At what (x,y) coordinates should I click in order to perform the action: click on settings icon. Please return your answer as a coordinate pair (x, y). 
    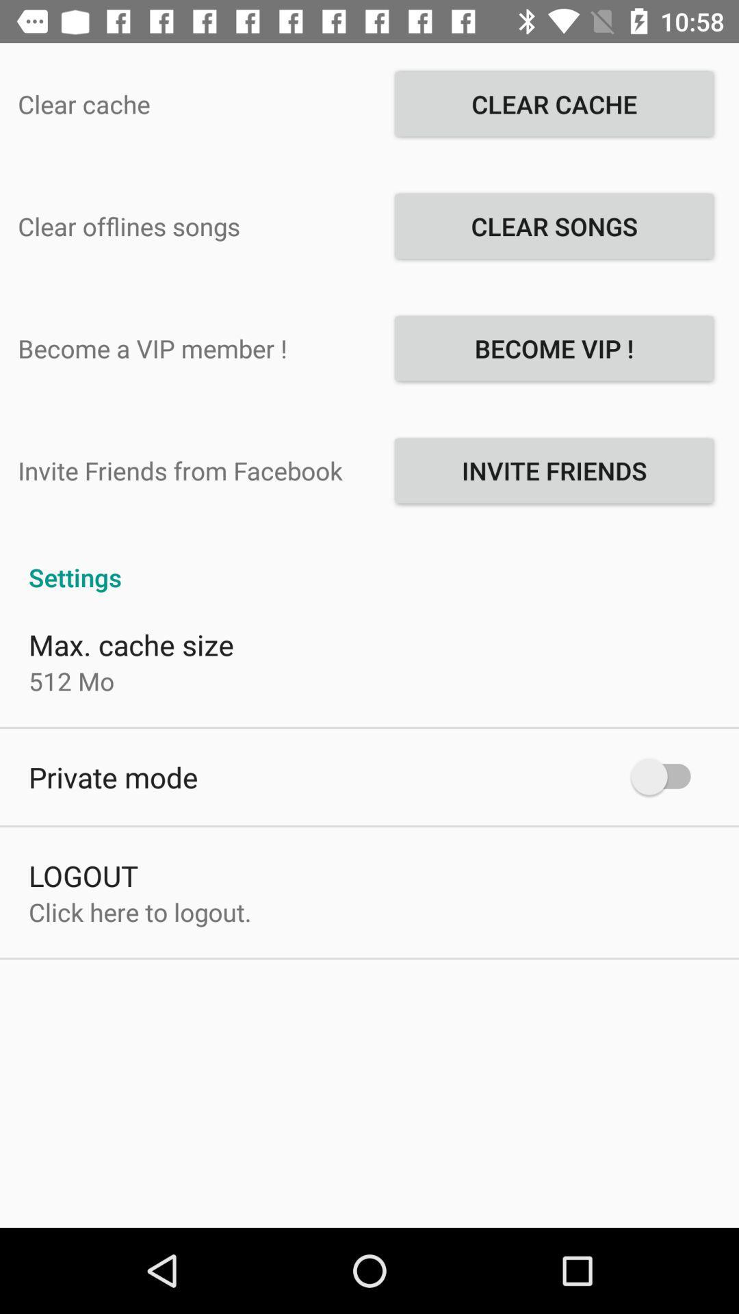
    Looking at the image, I should click on (369, 563).